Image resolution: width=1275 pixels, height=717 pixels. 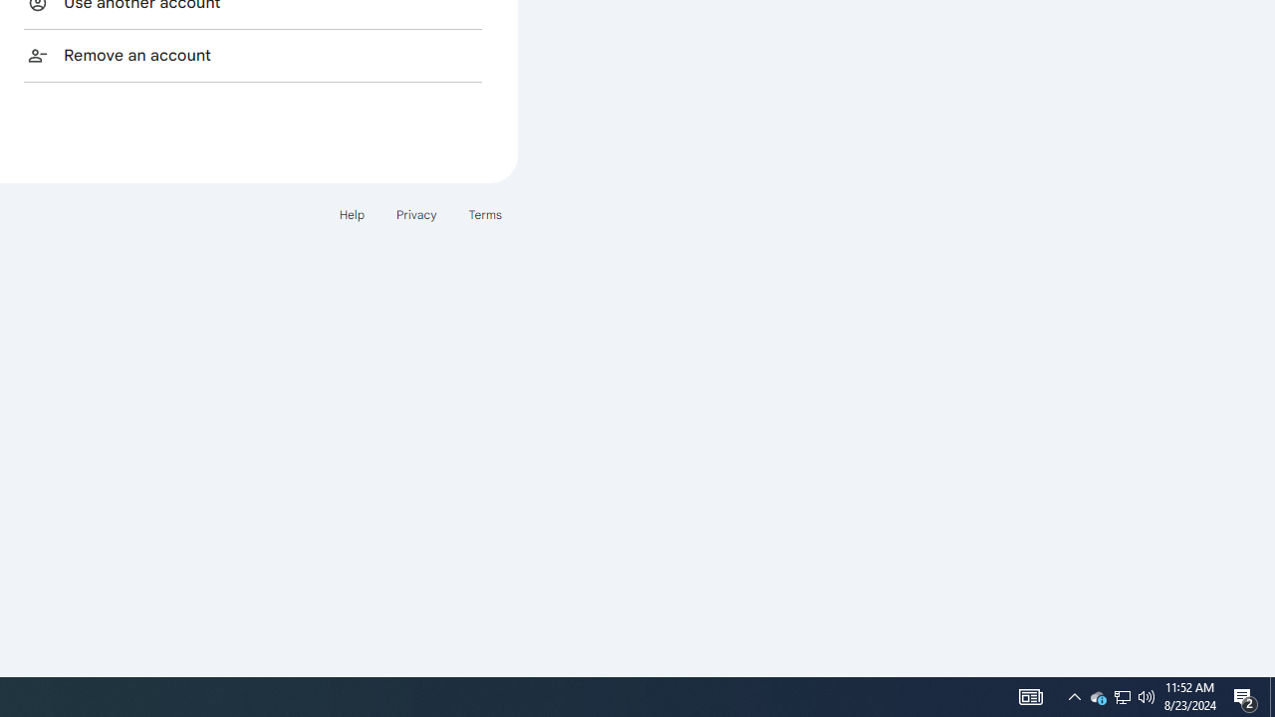 I want to click on 'Help', so click(x=351, y=214).